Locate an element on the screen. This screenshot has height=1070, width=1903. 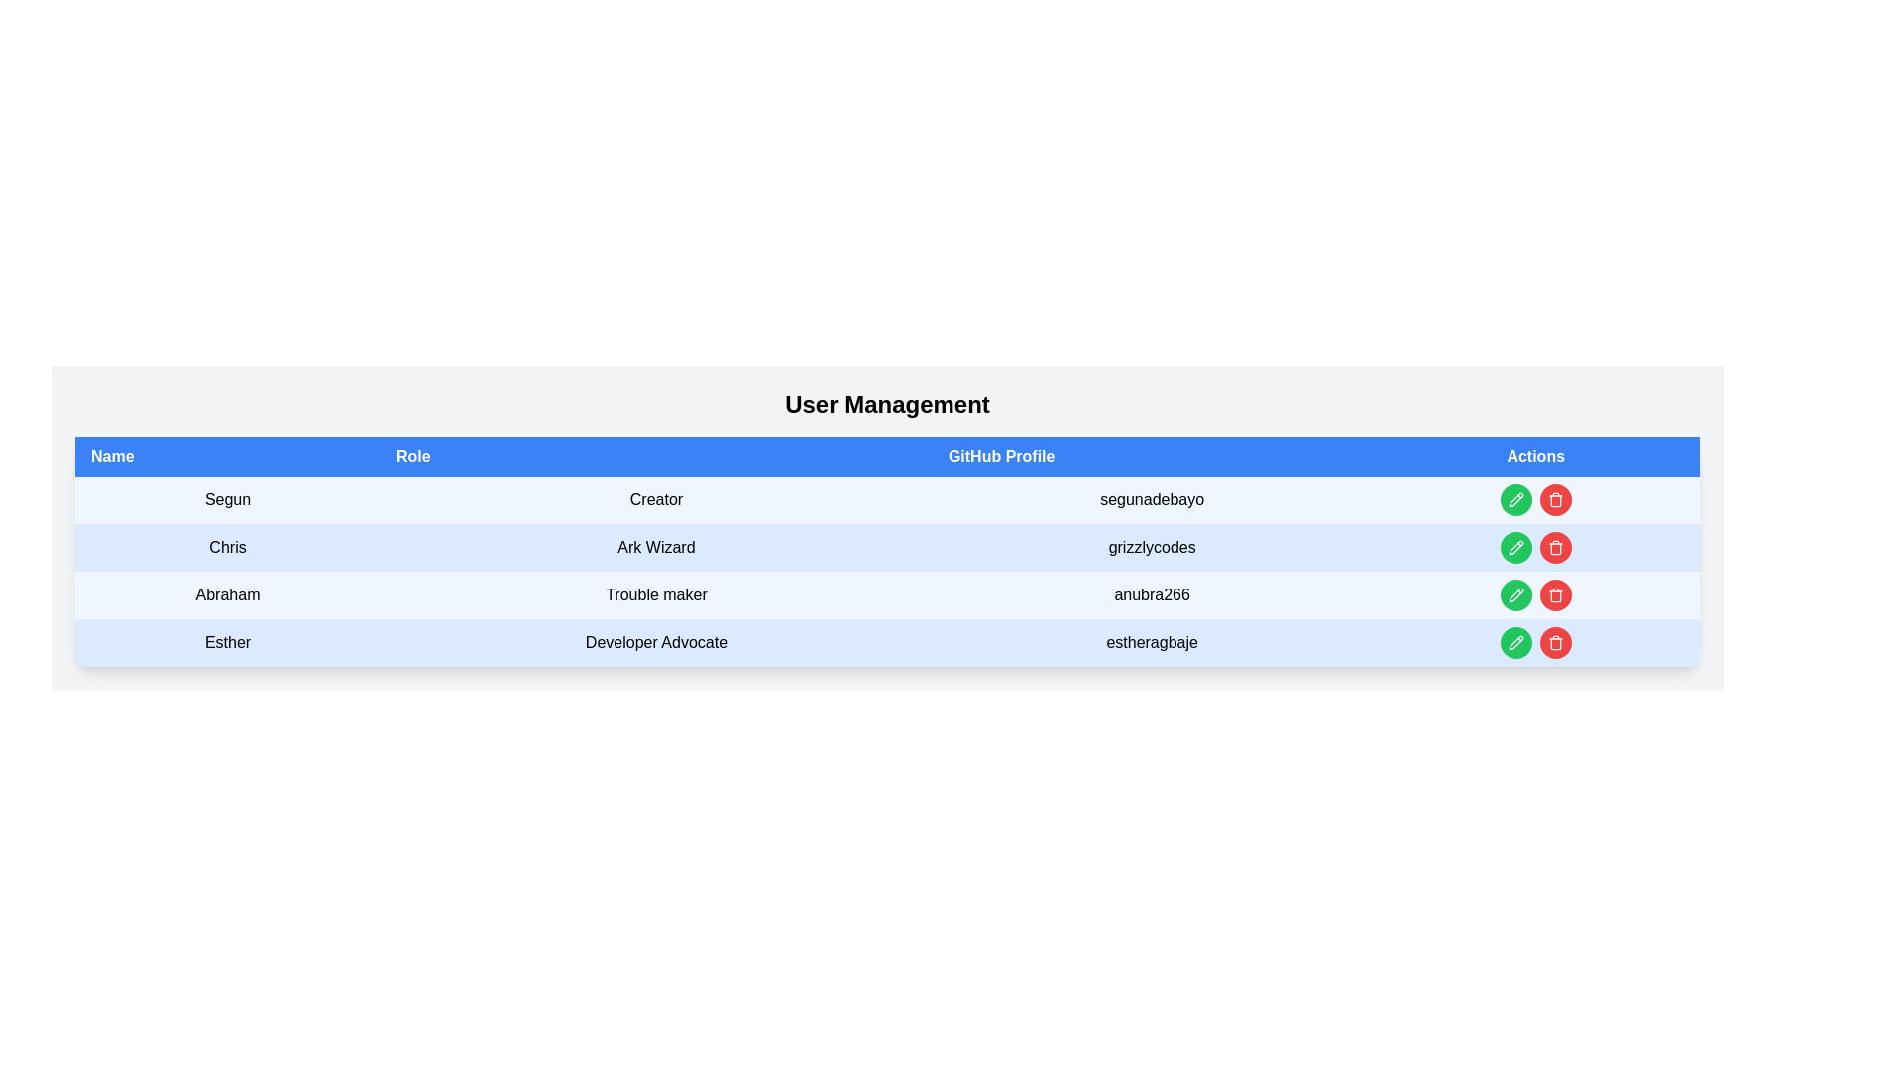
the static text displaying the name 'Esther' in the first column of the fourth row of the 'User Management' table is located at coordinates (228, 642).